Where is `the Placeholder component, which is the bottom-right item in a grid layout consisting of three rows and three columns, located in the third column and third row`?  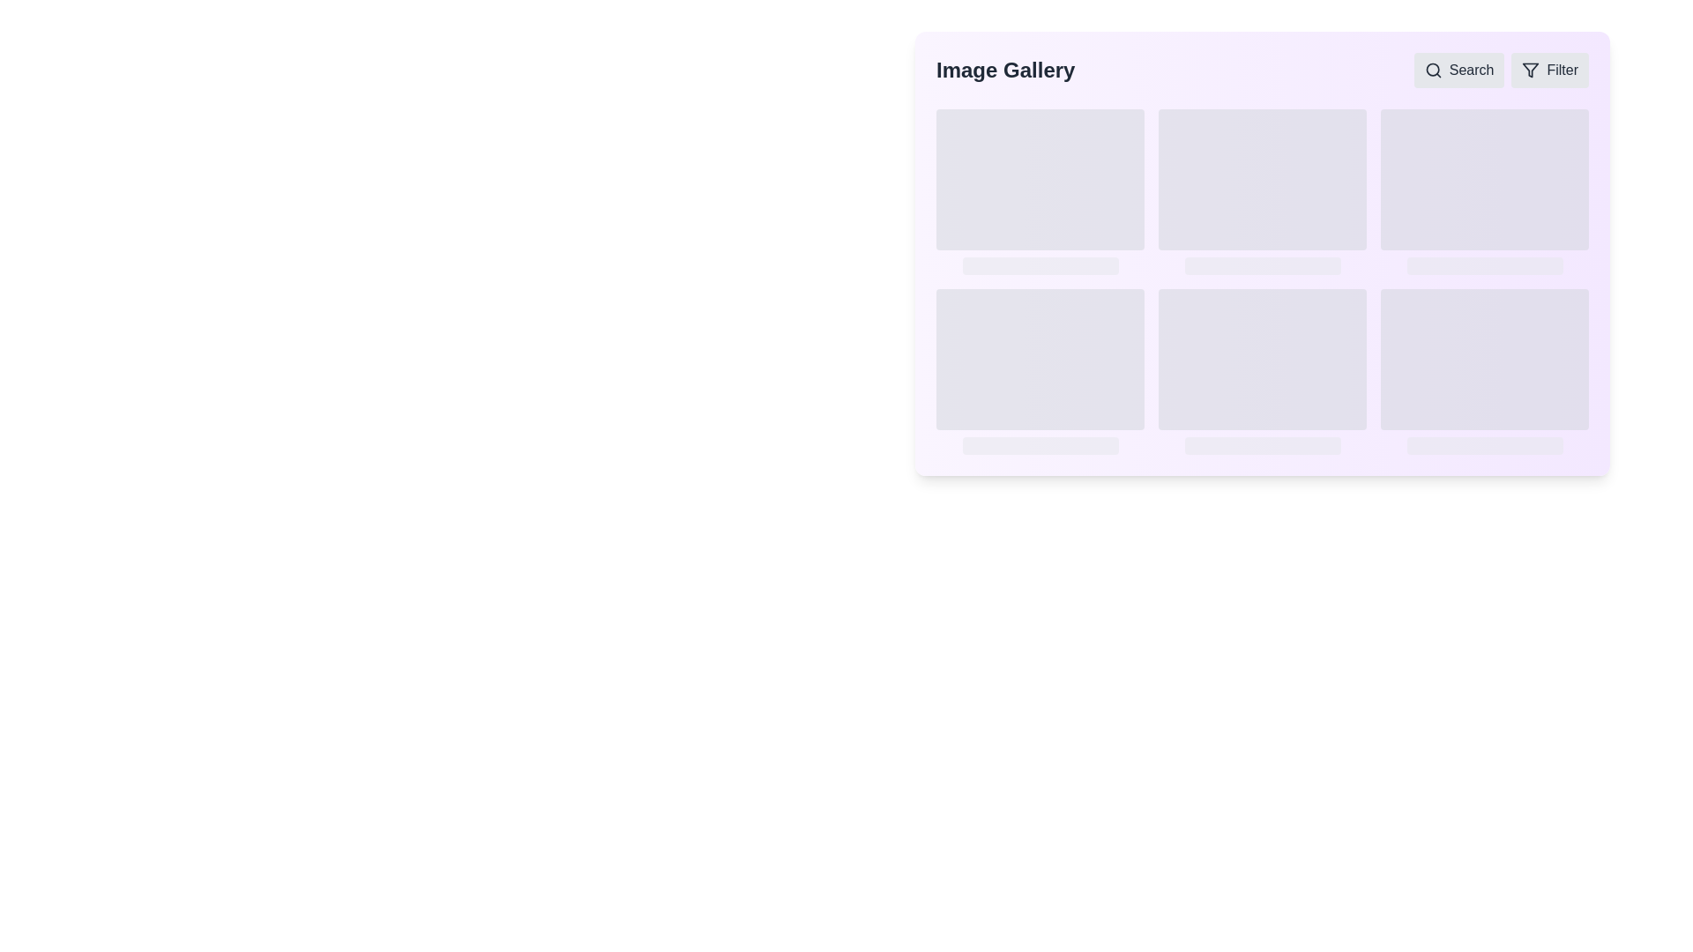 the Placeholder component, which is the bottom-right item in a grid layout consisting of three rows and three columns, located in the third column and third row is located at coordinates (1484, 370).